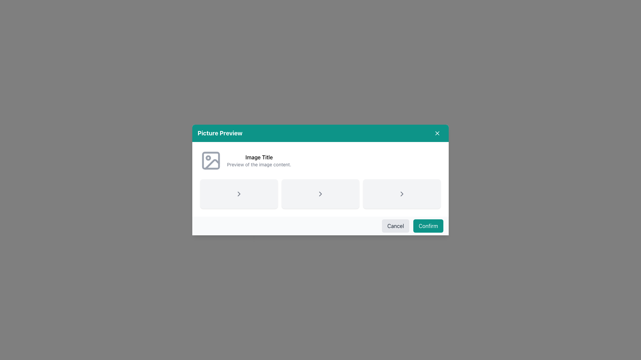  Describe the element at coordinates (239, 194) in the screenshot. I see `the chevron icon, which is the first in a series of similar icons used for navigation within a rounded rectangular button located centrally below the 'Image Title' section` at that location.